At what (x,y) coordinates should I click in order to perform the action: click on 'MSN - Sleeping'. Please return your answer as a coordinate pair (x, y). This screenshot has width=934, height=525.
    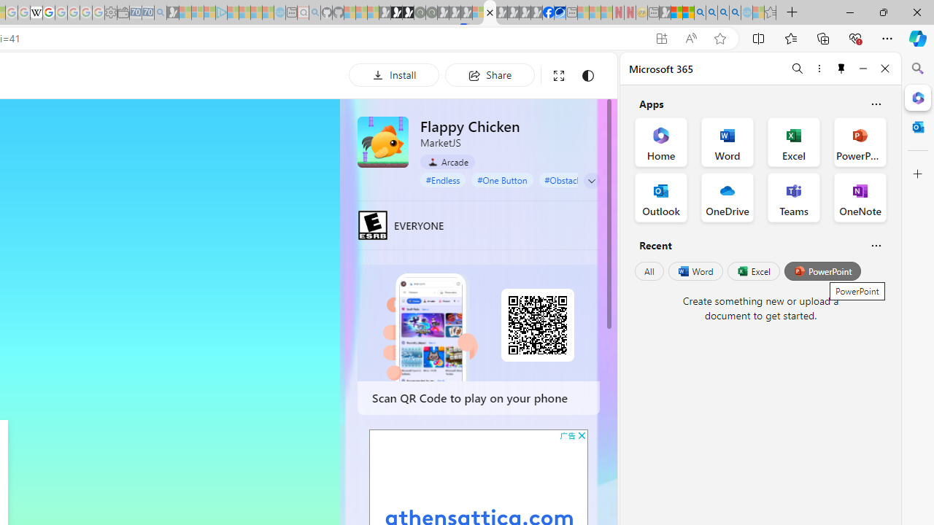
    Looking at the image, I should click on (664, 12).